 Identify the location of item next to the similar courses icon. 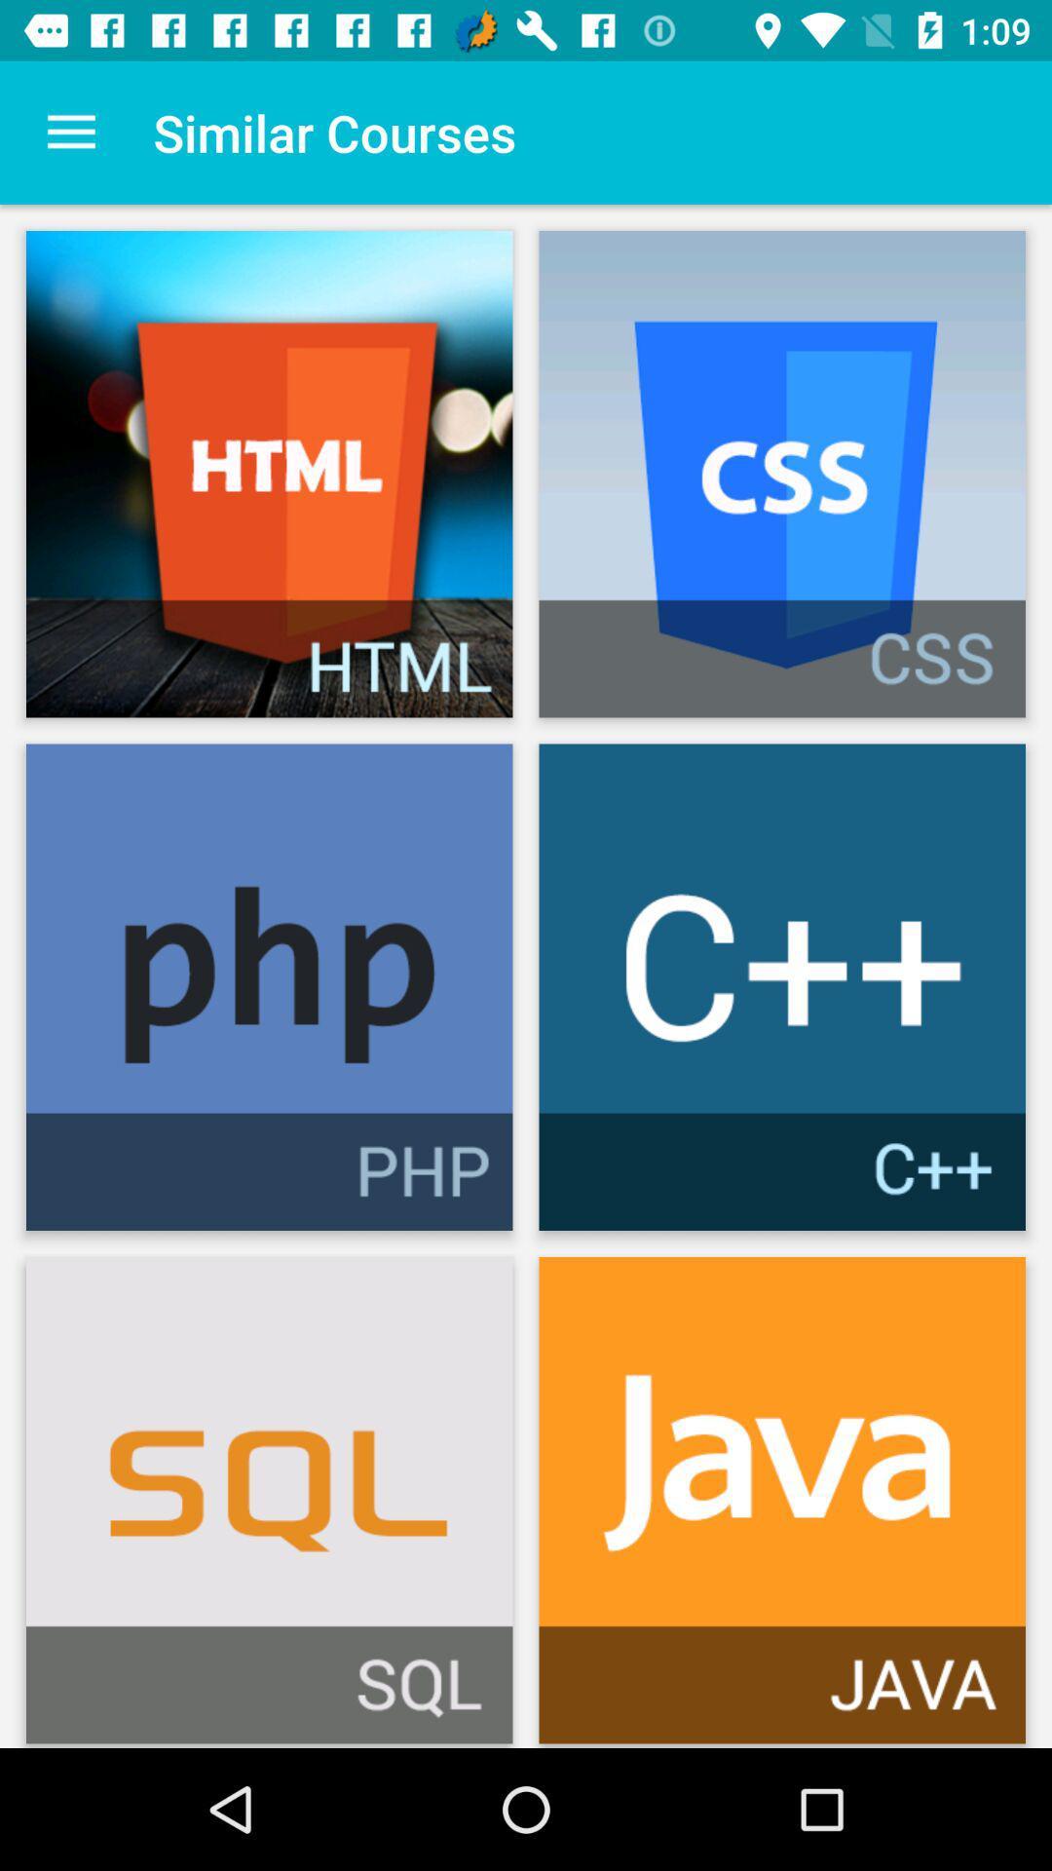
(70, 132).